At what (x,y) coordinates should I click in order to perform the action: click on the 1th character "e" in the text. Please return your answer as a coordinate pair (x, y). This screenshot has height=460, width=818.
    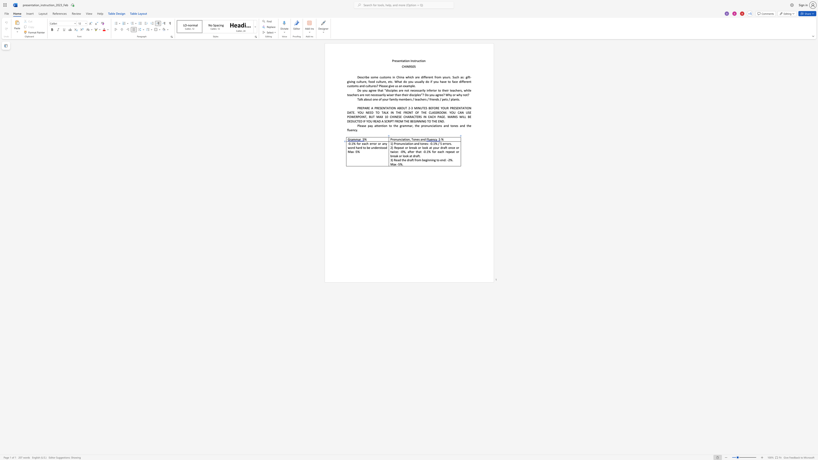
    Looking at the image, I should click on (362, 143).